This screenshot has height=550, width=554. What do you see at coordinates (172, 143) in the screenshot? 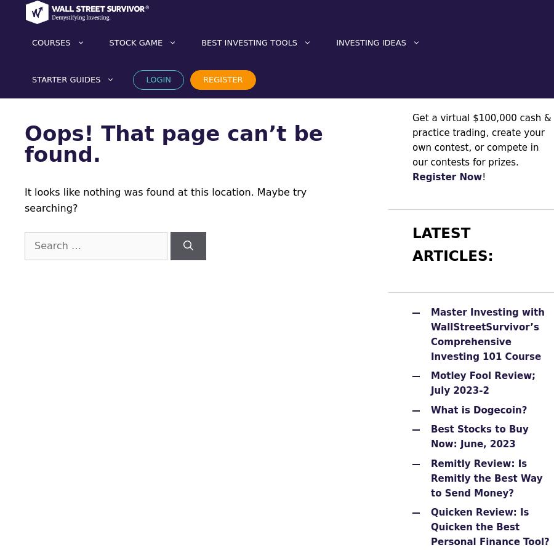
I see `'Oops! That page can’t be found.'` at bounding box center [172, 143].